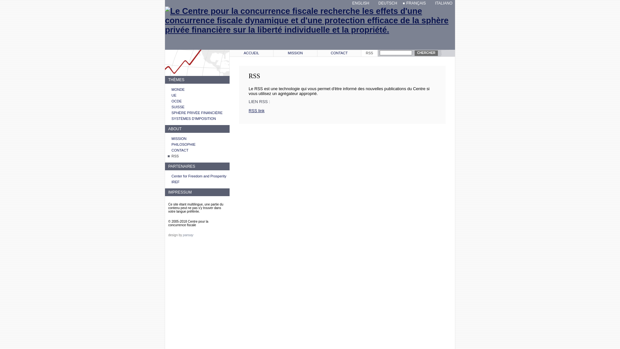  I want to click on 'IREF', so click(175, 182).